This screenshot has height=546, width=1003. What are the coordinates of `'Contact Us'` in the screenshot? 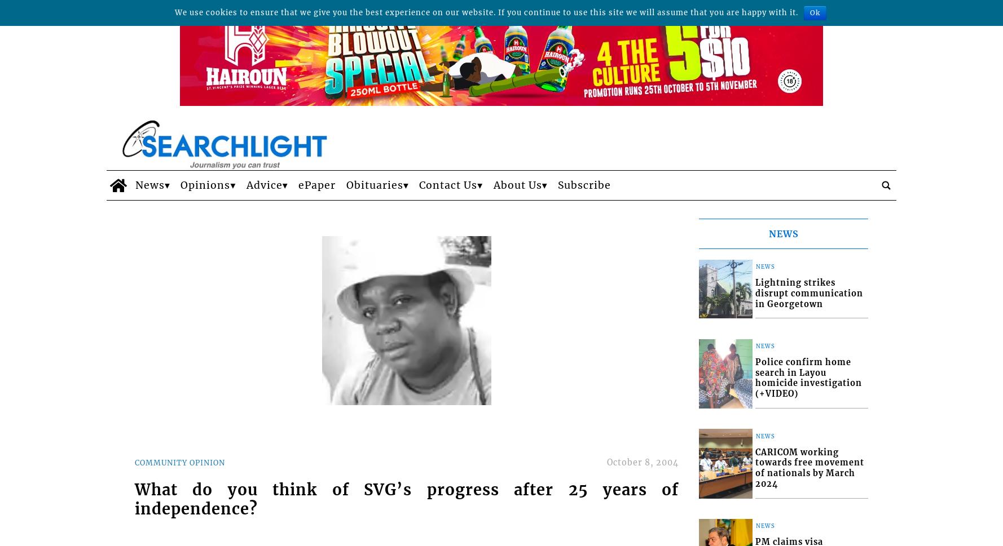 It's located at (448, 184).